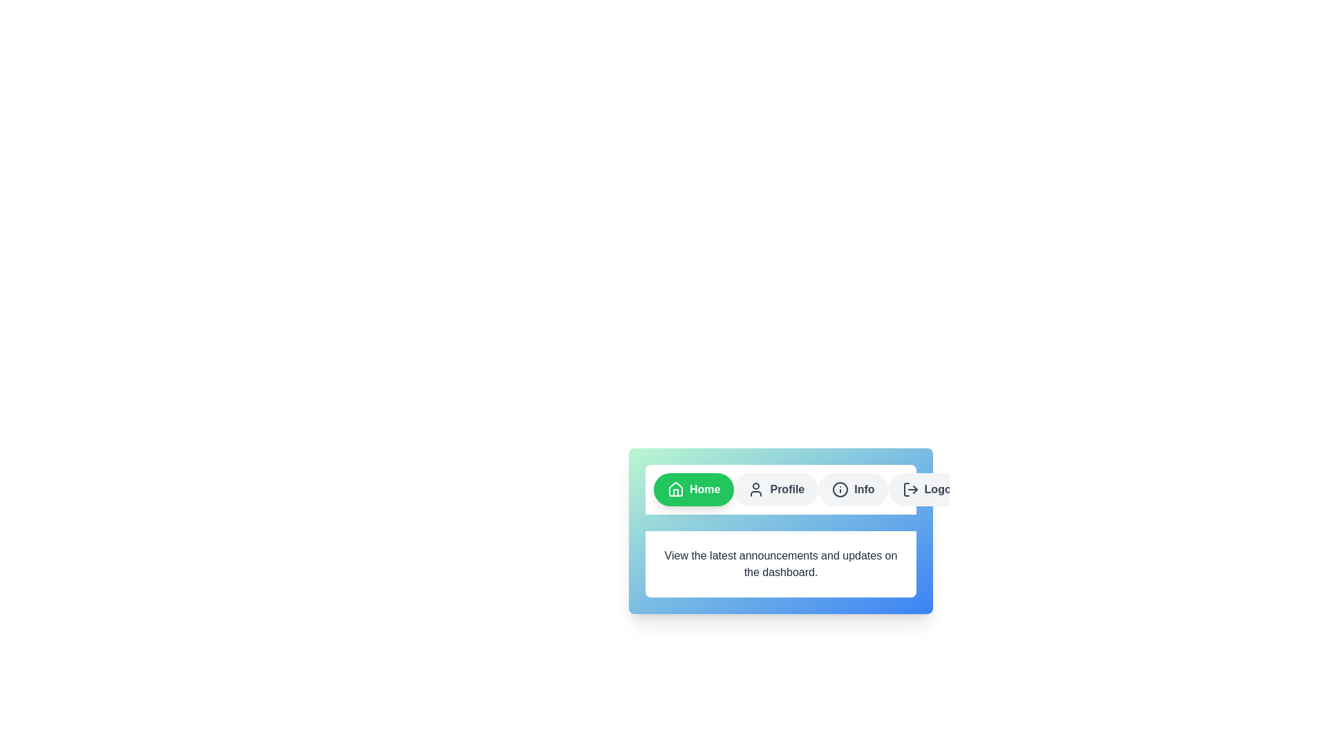 The image size is (1327, 746). Describe the element at coordinates (776, 489) in the screenshot. I see `the 'Profile' button in the navigation bar, which is the second option with a user silhouette icon` at that location.